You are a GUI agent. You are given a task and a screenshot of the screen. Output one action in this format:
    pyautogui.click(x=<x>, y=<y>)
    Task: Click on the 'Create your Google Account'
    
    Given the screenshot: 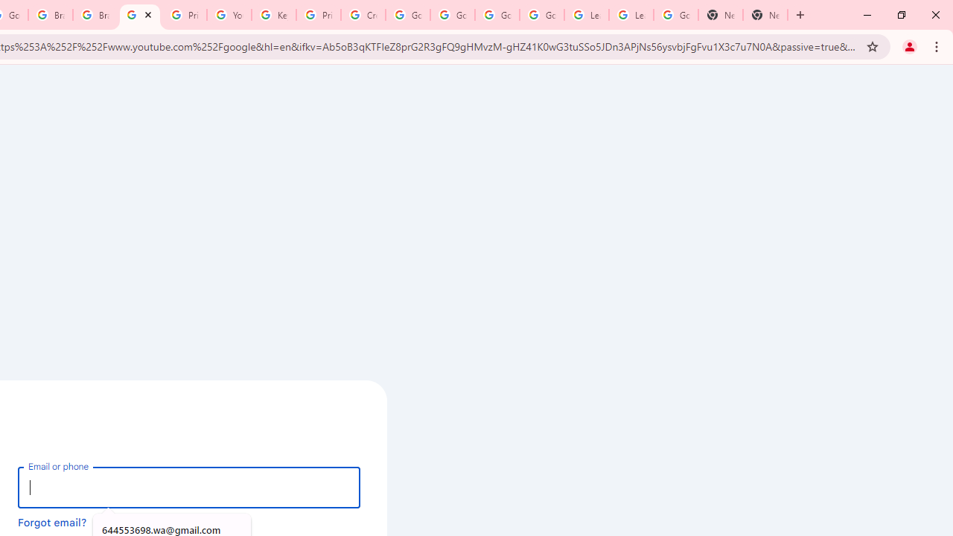 What is the action you would take?
    pyautogui.click(x=363, y=15)
    